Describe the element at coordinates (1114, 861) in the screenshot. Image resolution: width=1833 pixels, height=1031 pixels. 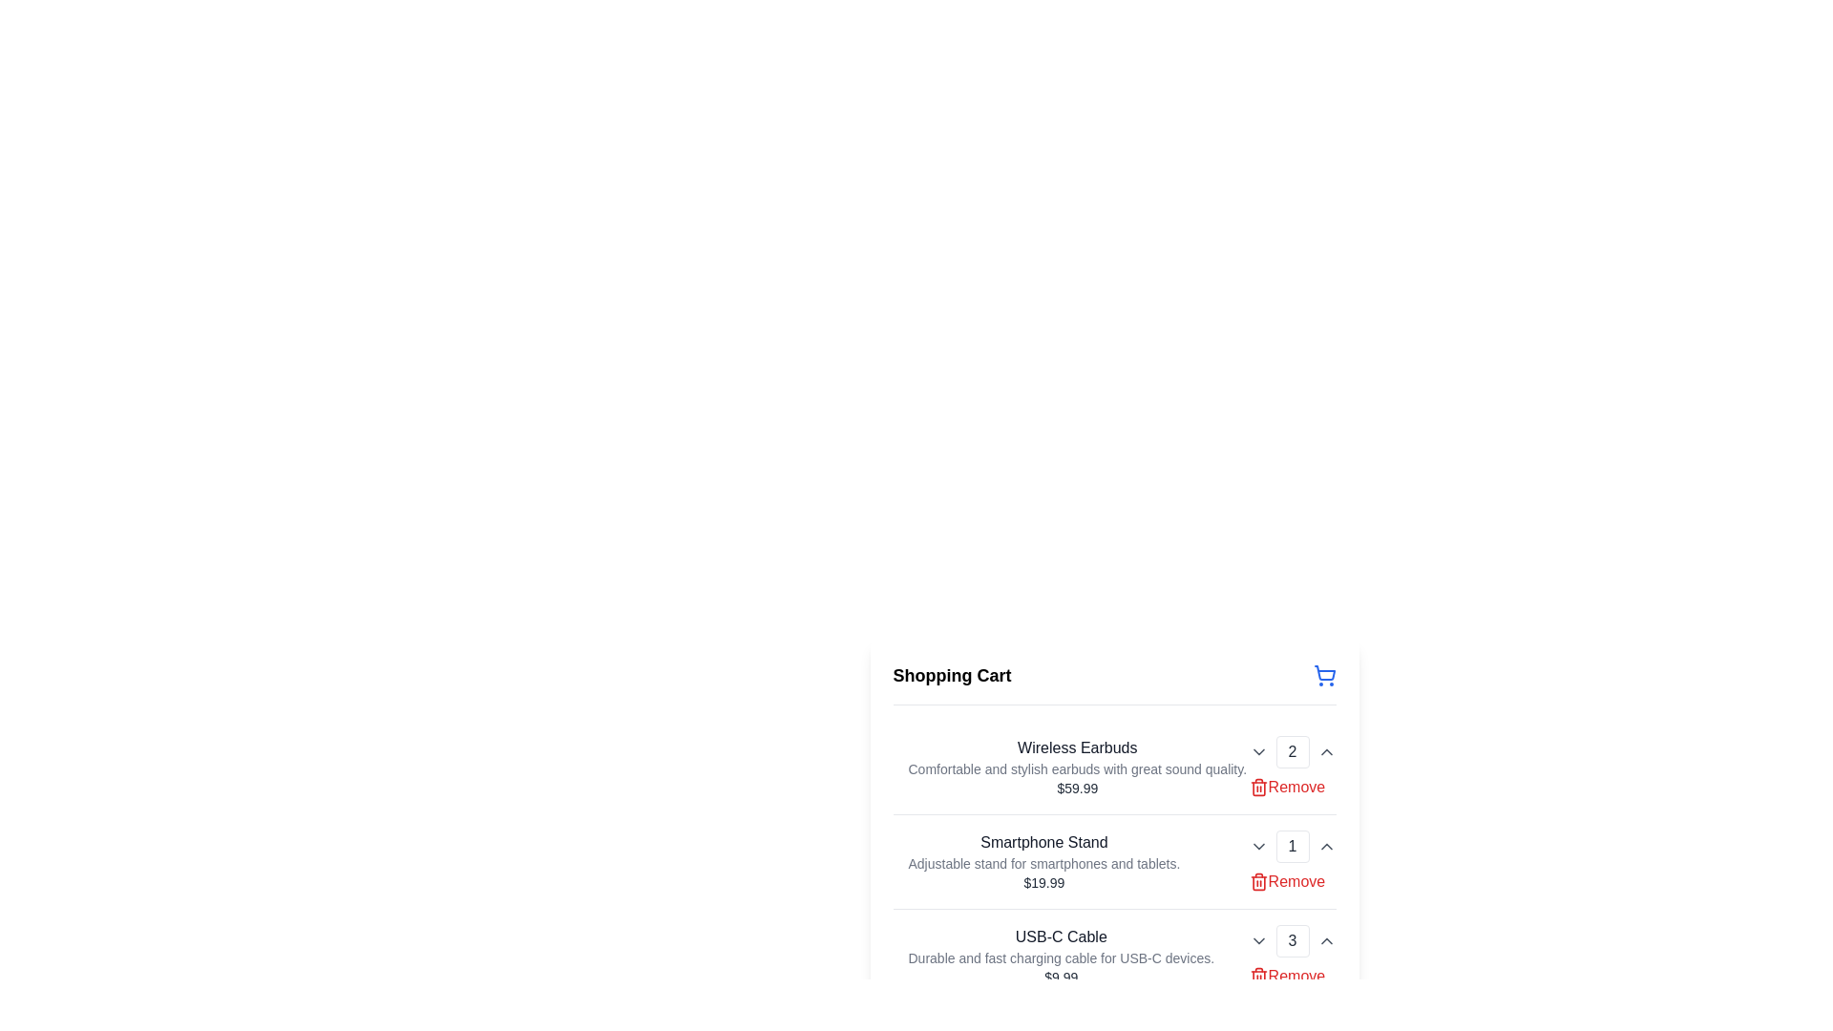
I see `the second row of the shopping cart interface that contains the product 'Smartphone Stand'` at that location.